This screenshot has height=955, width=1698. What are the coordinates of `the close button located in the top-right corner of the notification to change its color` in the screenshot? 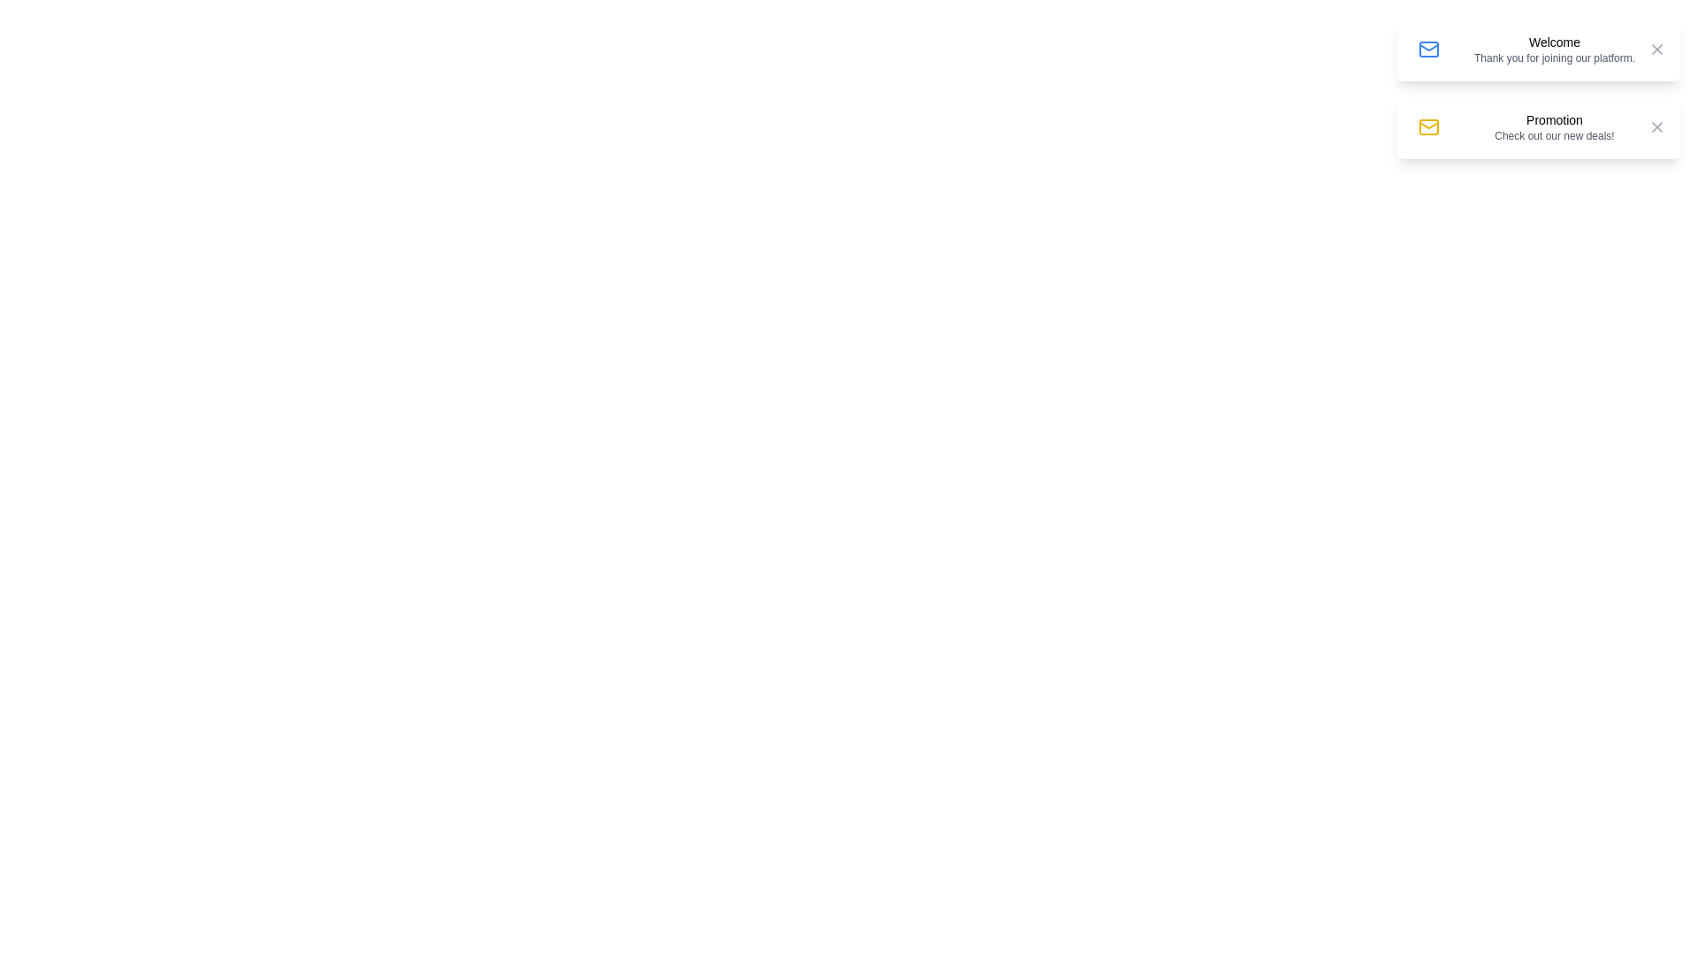 It's located at (1656, 49).